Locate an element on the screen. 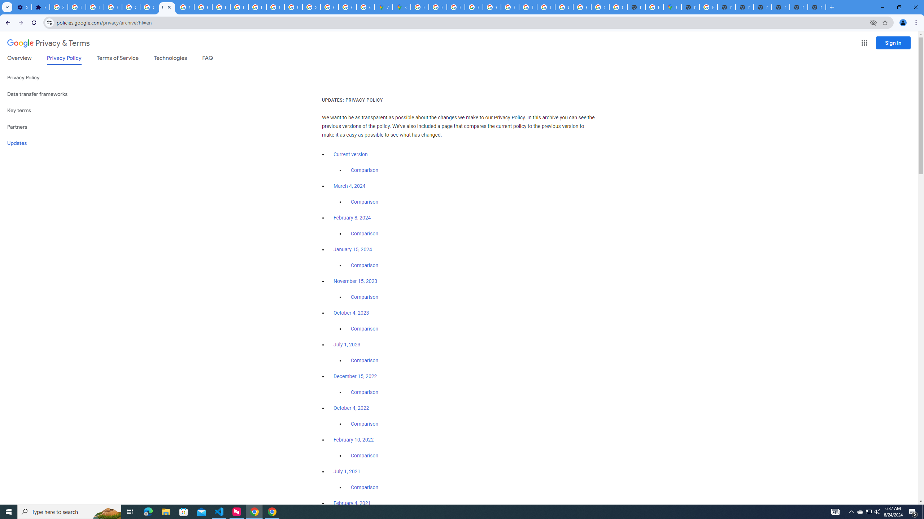  'Data transfer frameworks' is located at coordinates (55, 94).